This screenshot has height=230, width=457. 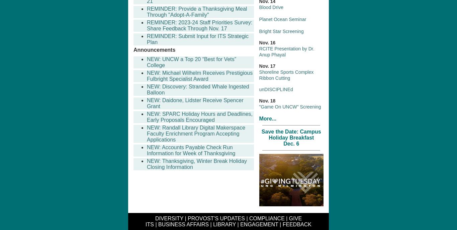 I want to click on 'Dec. 6', so click(x=291, y=143).